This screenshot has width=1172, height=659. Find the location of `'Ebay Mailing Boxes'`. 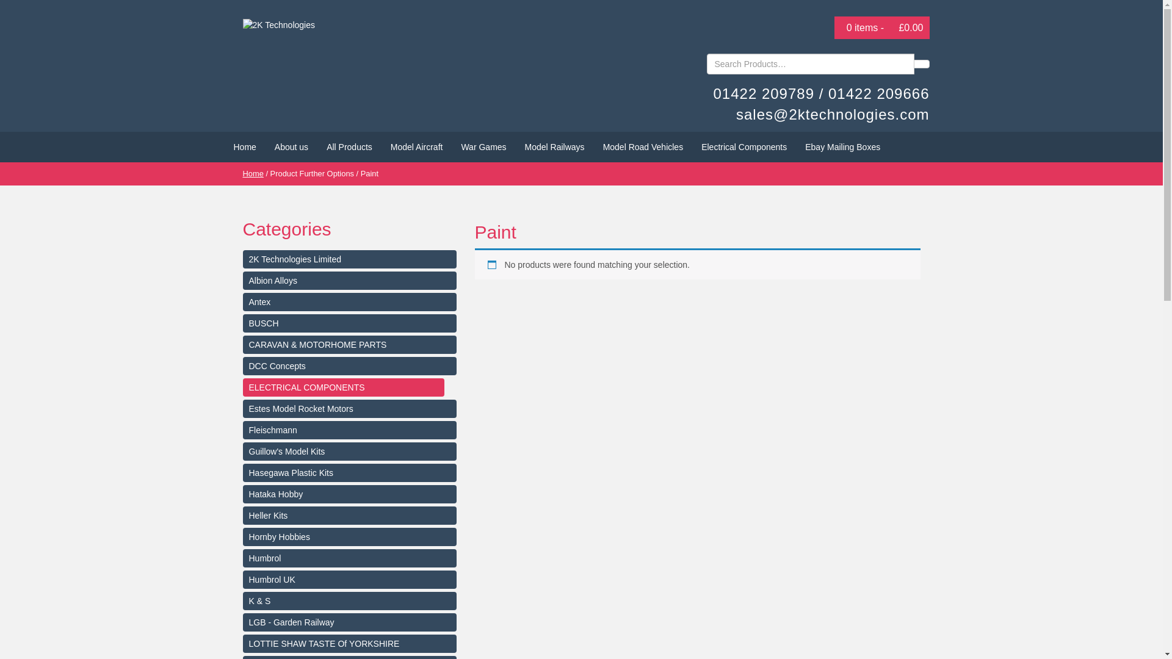

'Ebay Mailing Boxes' is located at coordinates (796, 146).